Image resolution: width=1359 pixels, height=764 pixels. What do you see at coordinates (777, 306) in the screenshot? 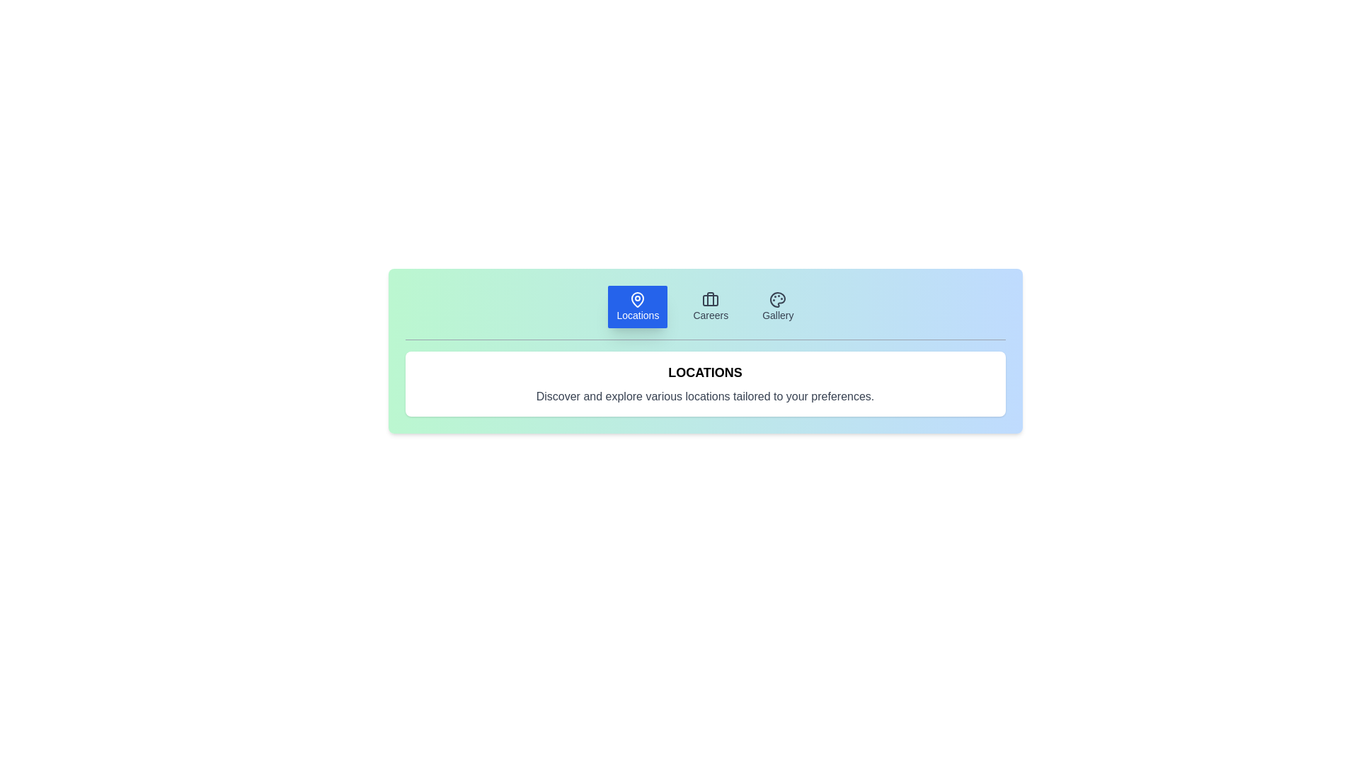
I see `the Gallery tab to display its content` at bounding box center [777, 306].